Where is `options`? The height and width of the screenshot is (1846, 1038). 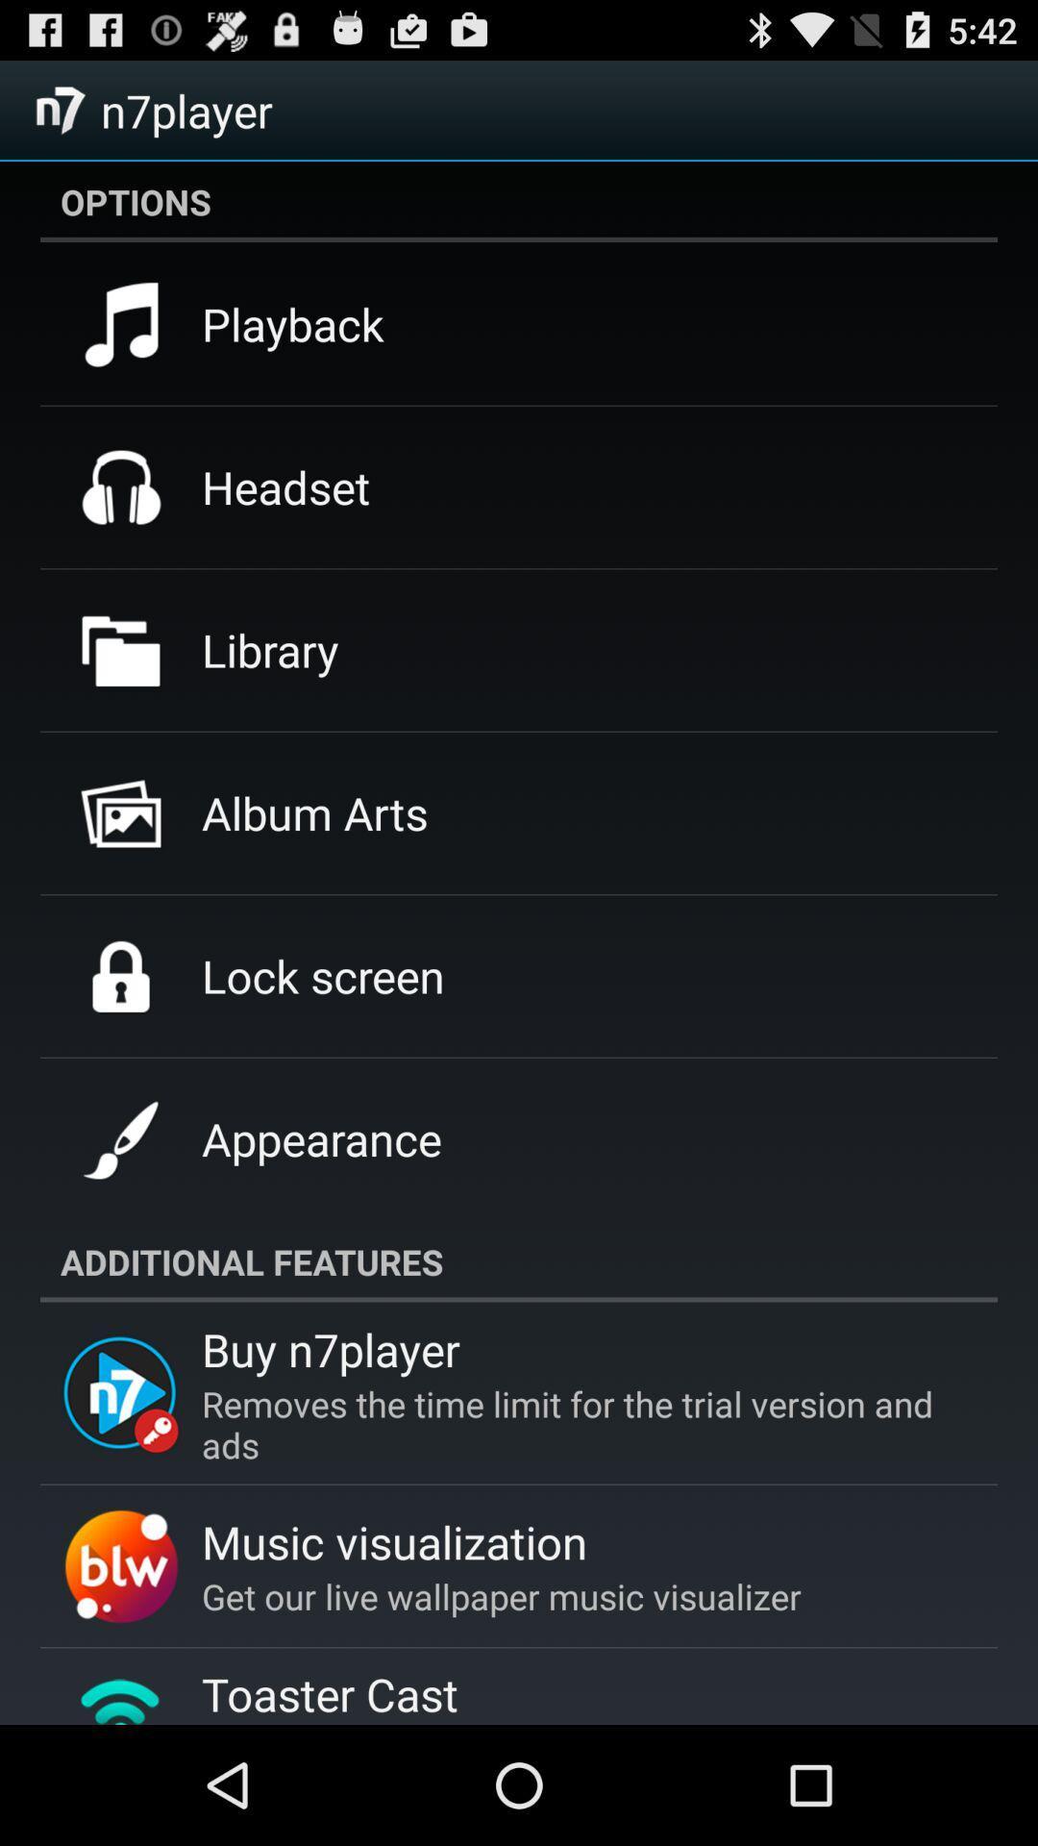 options is located at coordinates (519, 202).